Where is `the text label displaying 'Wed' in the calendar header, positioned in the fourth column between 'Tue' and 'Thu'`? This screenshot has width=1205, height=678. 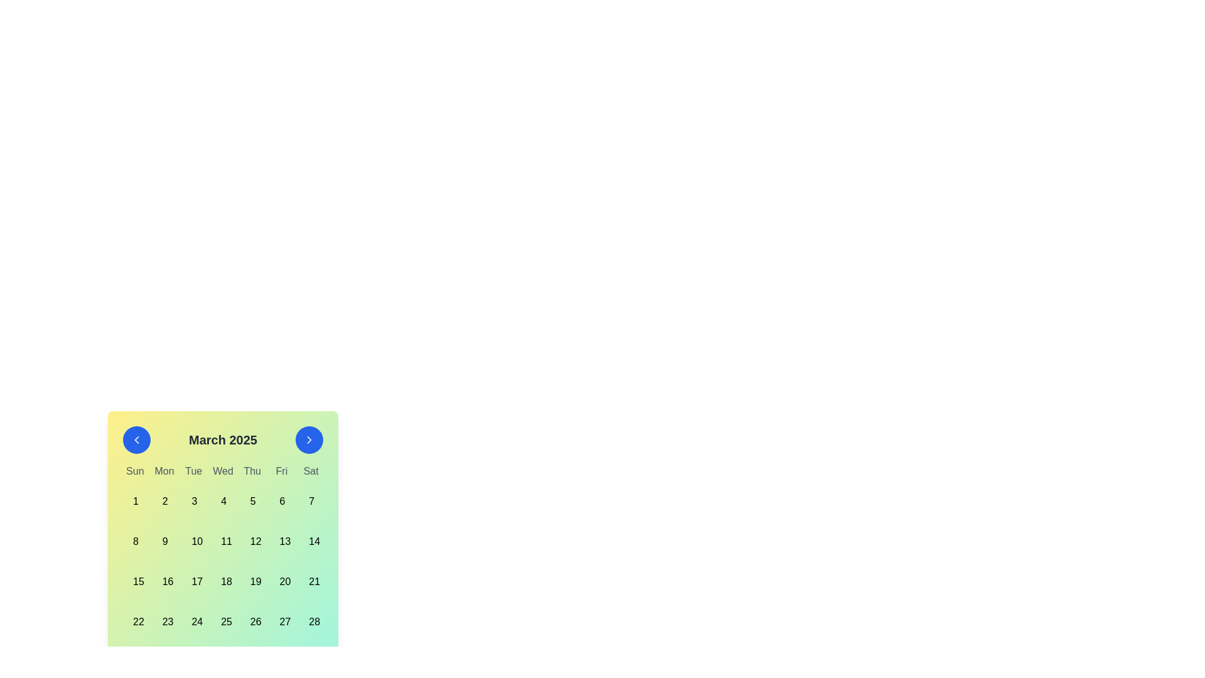
the text label displaying 'Wed' in the calendar header, positioned in the fourth column between 'Tue' and 'Thu' is located at coordinates (223, 471).